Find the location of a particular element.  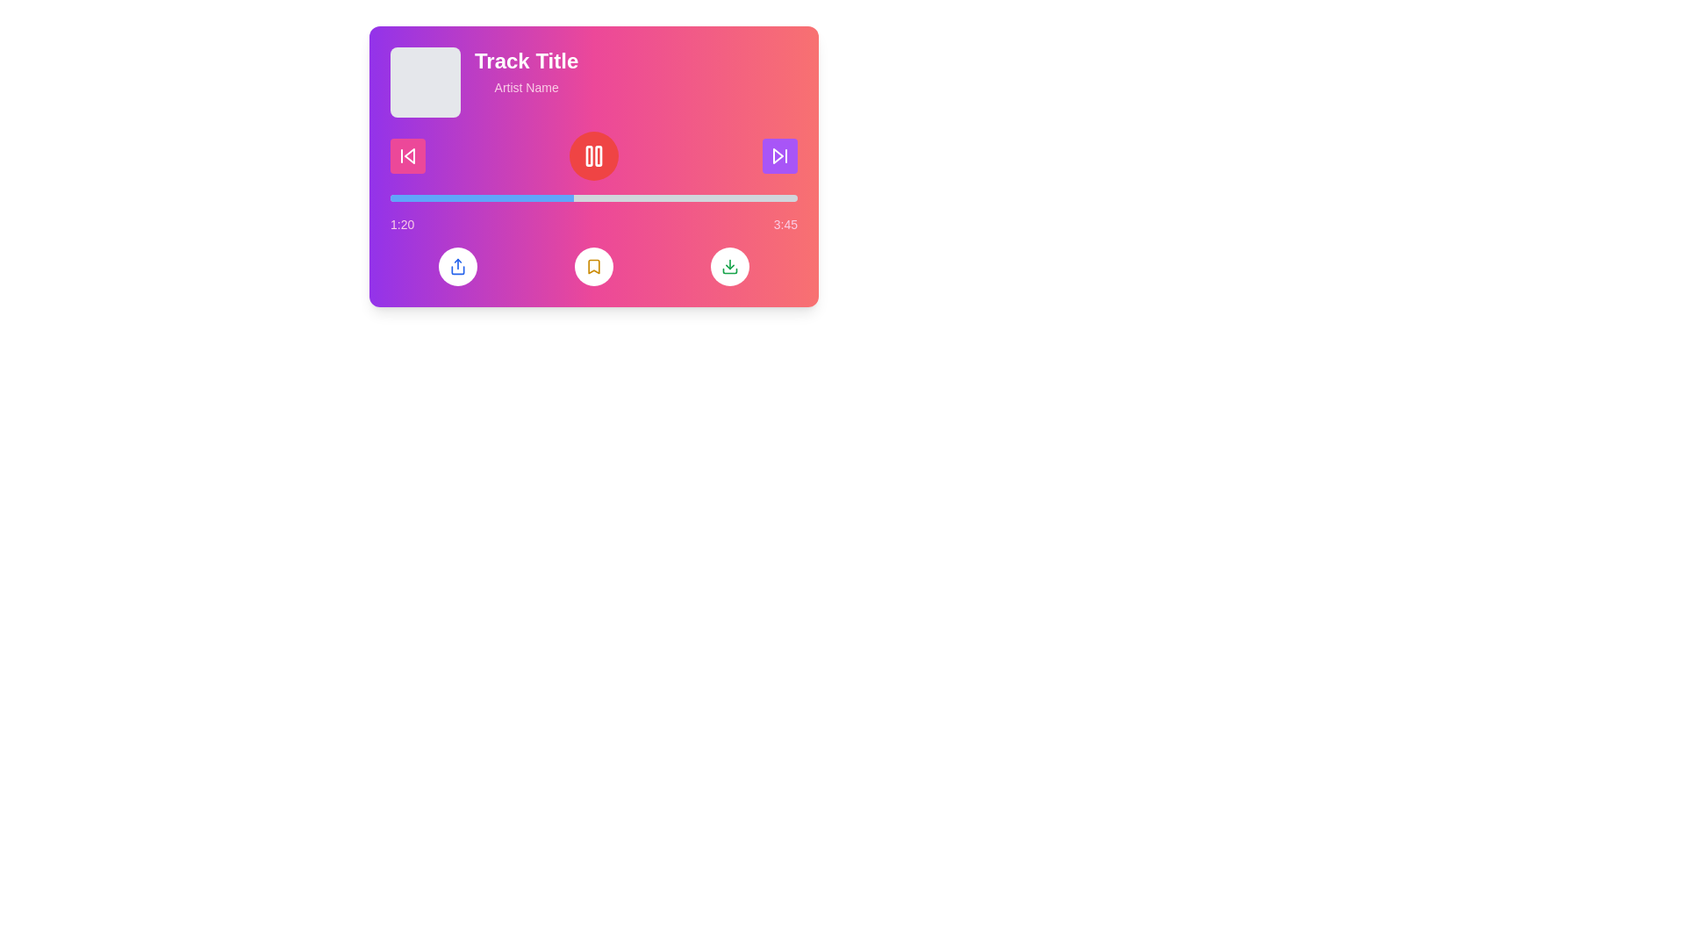

the green download icon, which has a downward arrow intersecting a horizontal line, to initiate the download is located at coordinates (729, 267).